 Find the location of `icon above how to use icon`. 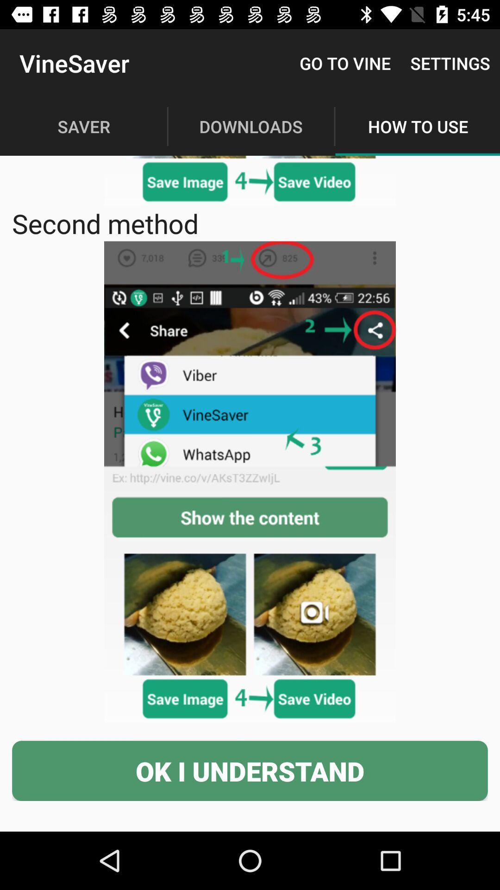

icon above how to use icon is located at coordinates (450, 63).